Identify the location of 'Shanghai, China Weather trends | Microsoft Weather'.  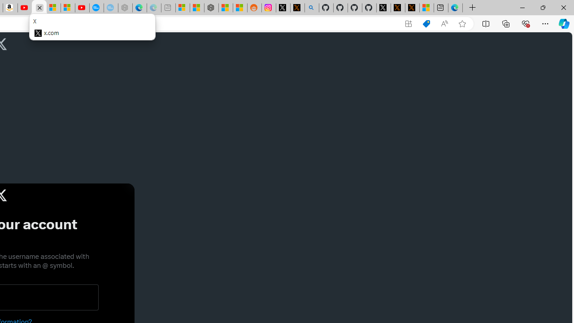
(240, 8).